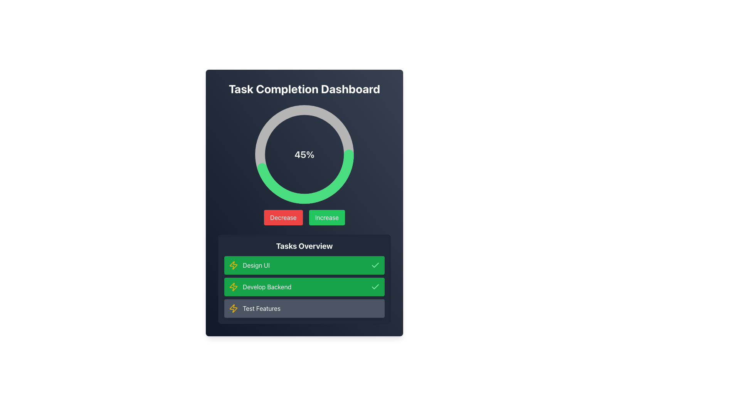 The image size is (740, 416). What do you see at coordinates (375, 287) in the screenshot?
I see `the light green checkmark icon located in the 'Design UI' task row within the 'Tasks Overview' section, positioned towards the right side adjacent to the task name area` at bounding box center [375, 287].